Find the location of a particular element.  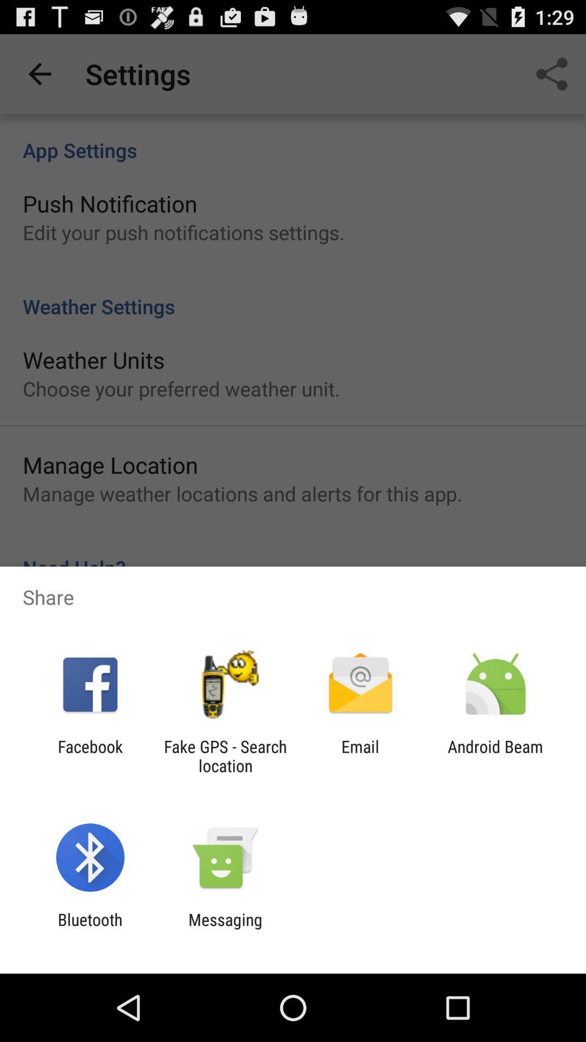

the icon next to the fake gps search icon is located at coordinates (360, 755).